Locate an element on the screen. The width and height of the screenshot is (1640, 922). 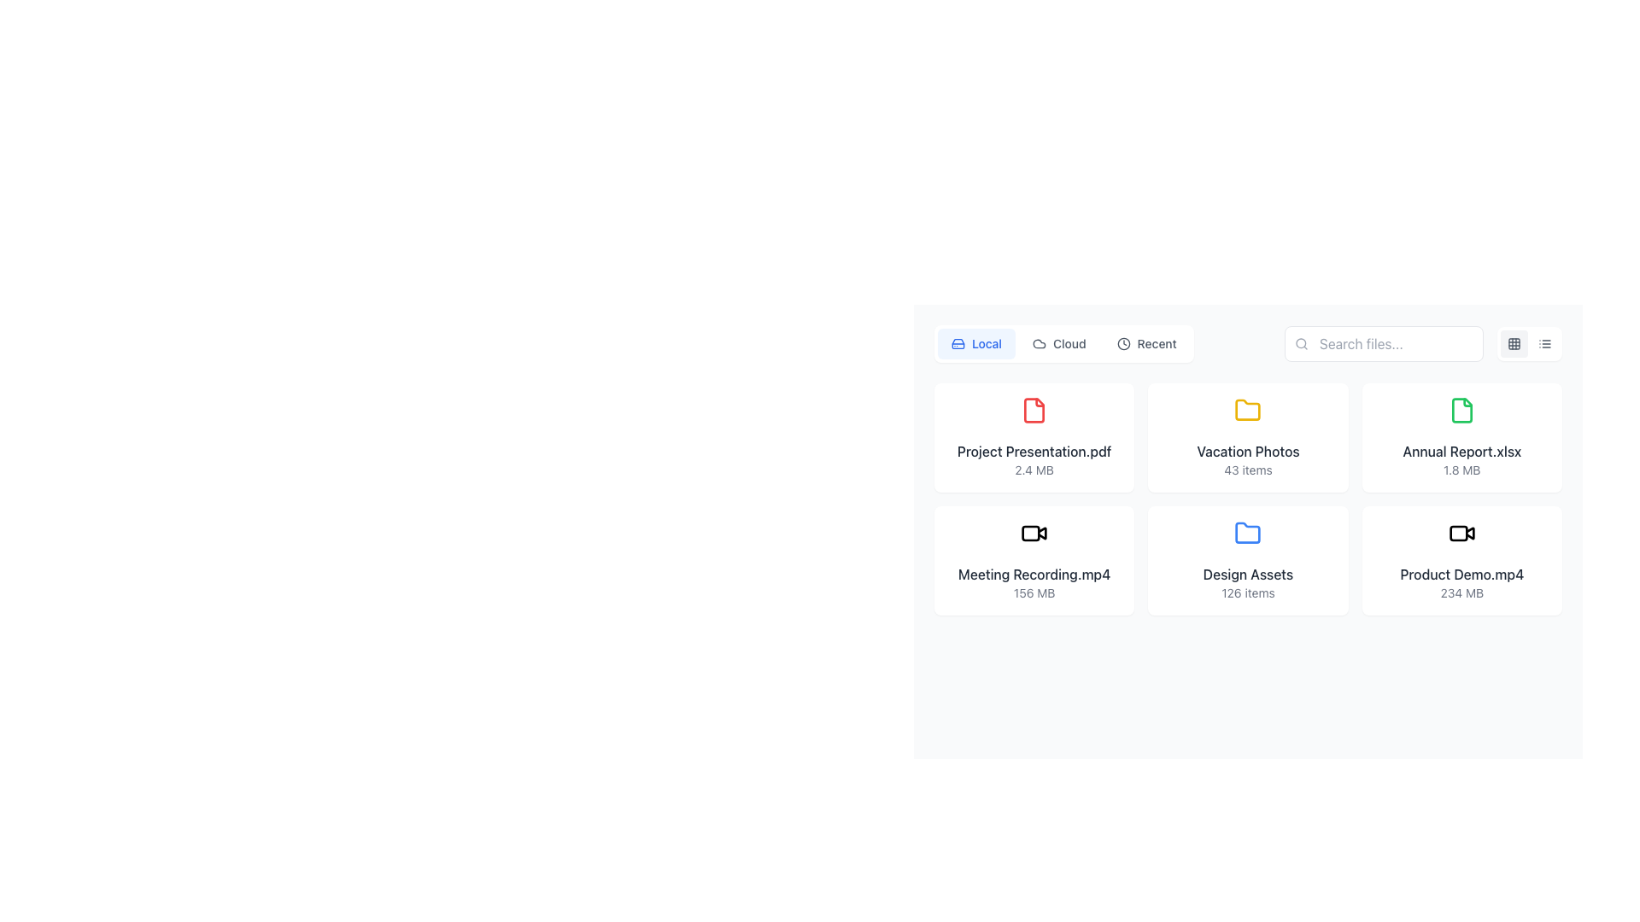
the 'Annual Report.xlsx' file item is located at coordinates (1461, 437).